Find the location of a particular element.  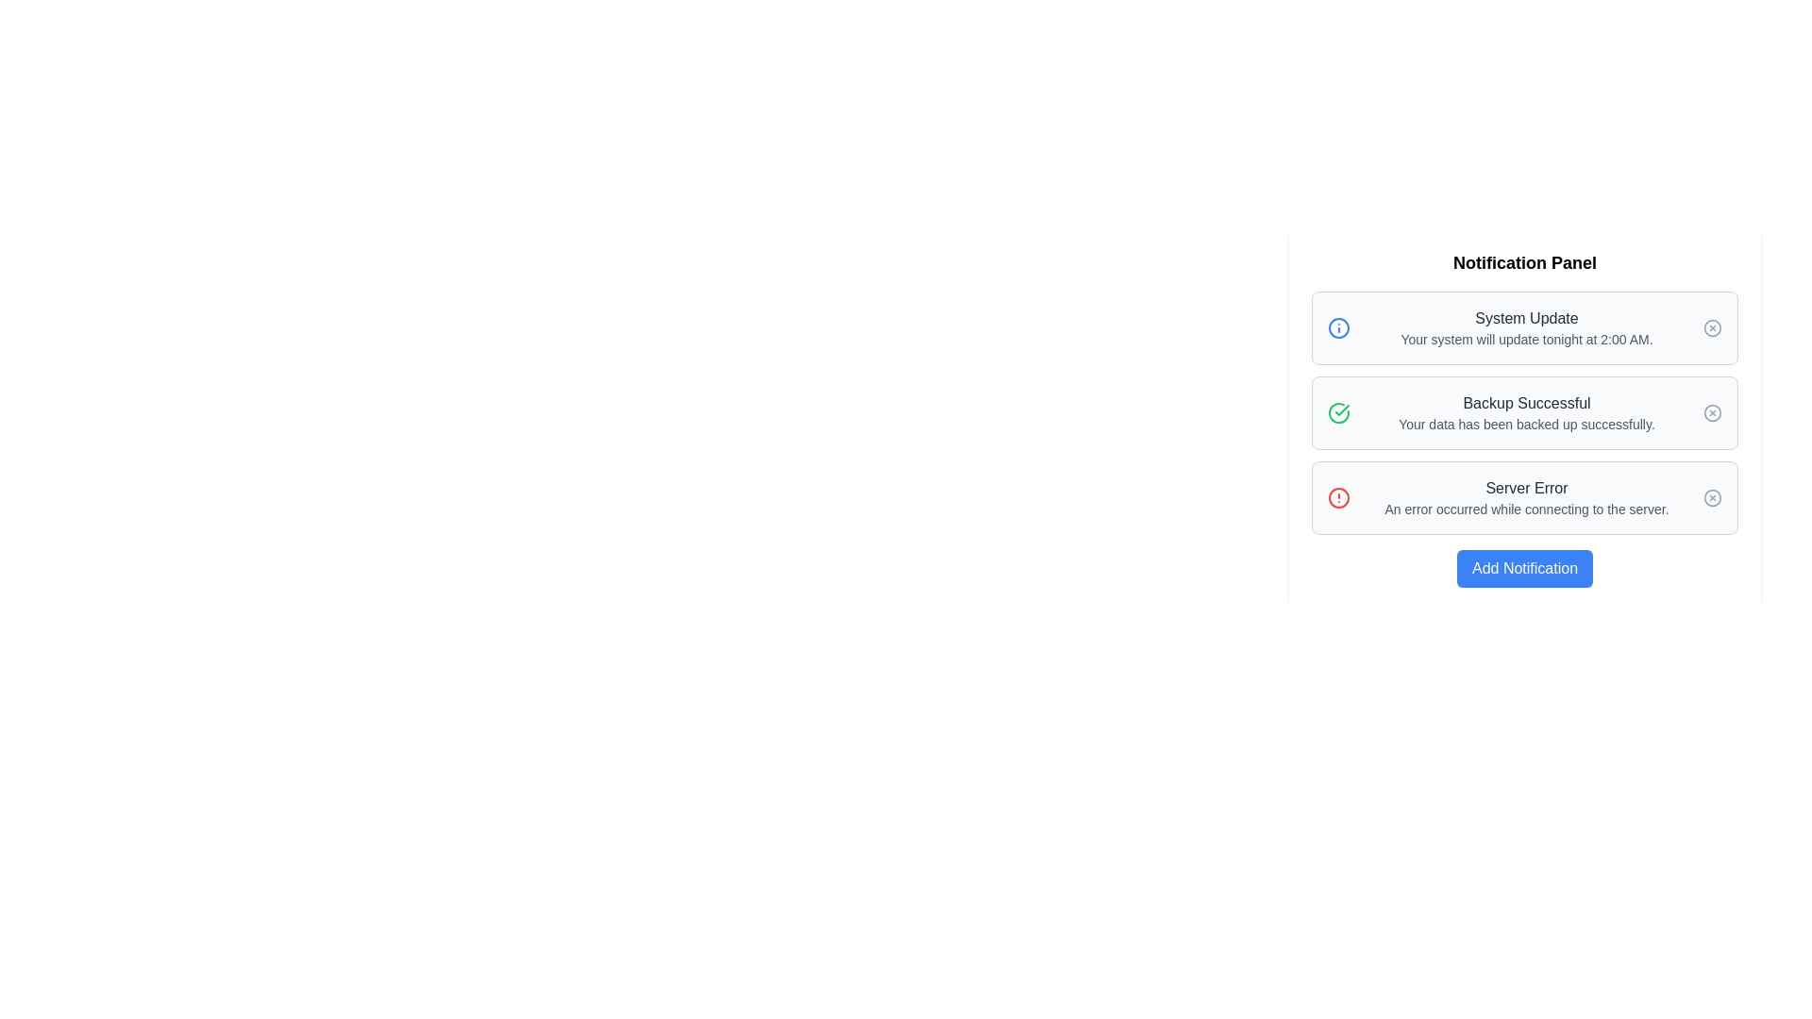

the green circular checkmark icon indicating success, located on the left side of the 'Backup Successful' notification in the notification panel is located at coordinates (1338, 412).